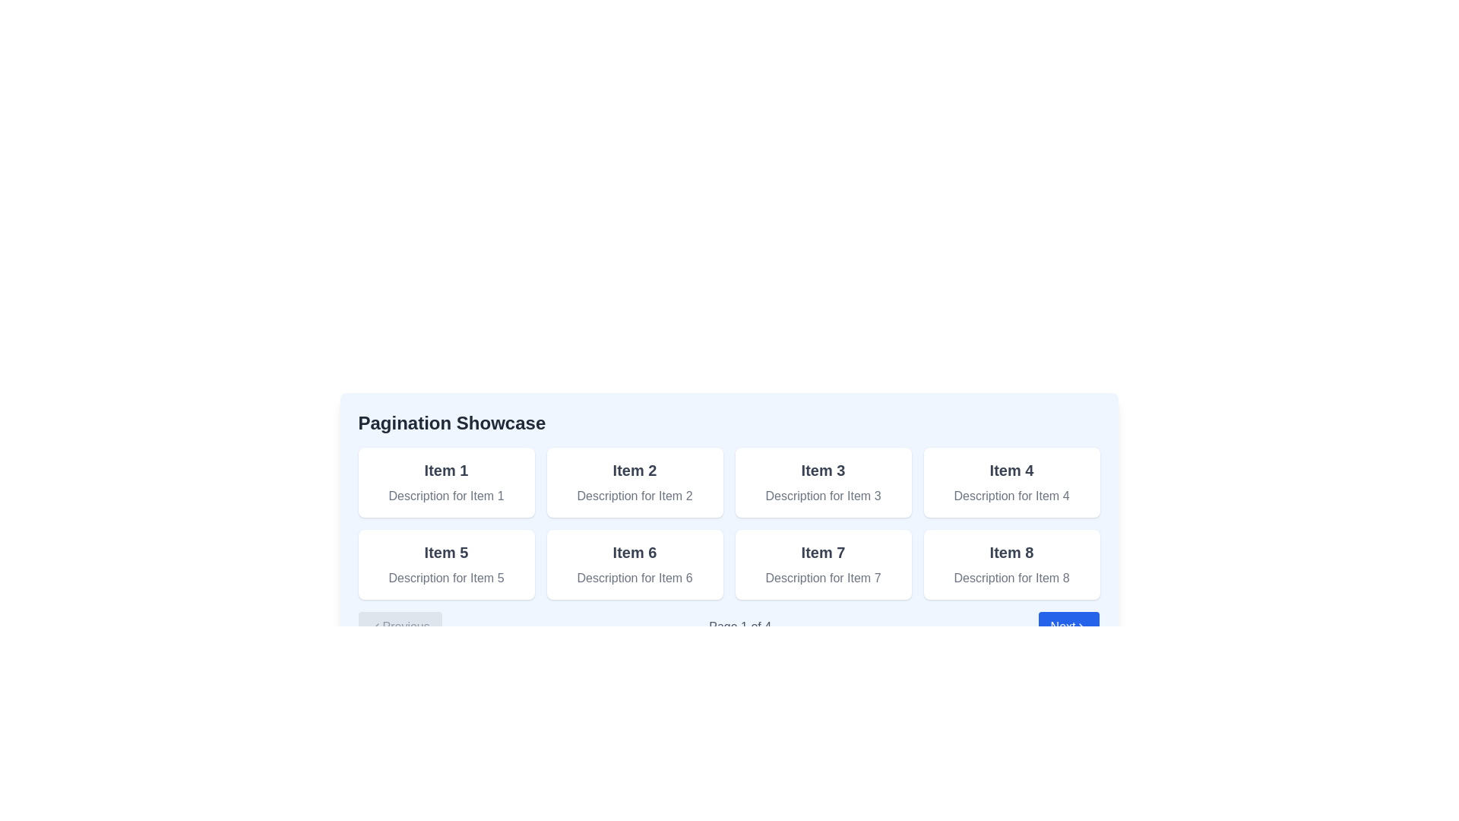 The image size is (1459, 821). What do you see at coordinates (822, 552) in the screenshot?
I see `the text label indicating 'Item 7', which serves as the header for the card in the second row and third column of the grid layout` at bounding box center [822, 552].